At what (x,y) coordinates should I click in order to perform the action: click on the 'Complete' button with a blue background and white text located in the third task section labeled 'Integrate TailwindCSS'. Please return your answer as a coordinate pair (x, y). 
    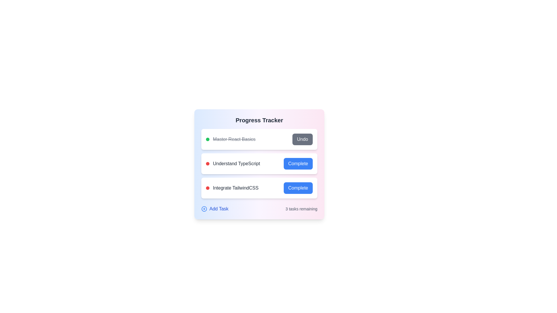
    Looking at the image, I should click on (298, 188).